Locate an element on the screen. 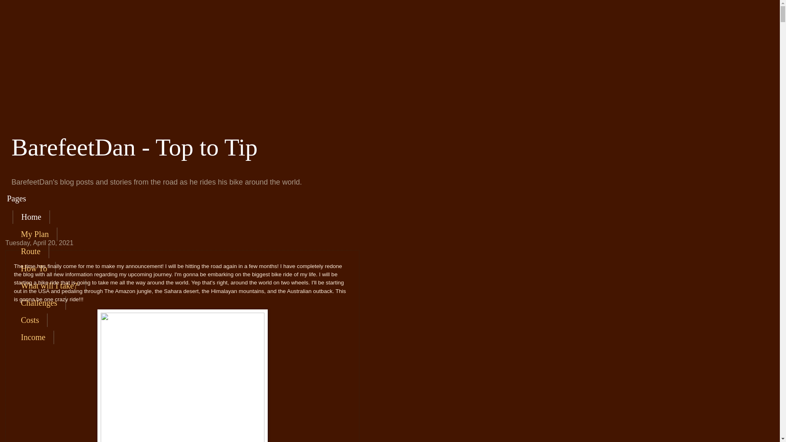  'How To' is located at coordinates (12, 268).